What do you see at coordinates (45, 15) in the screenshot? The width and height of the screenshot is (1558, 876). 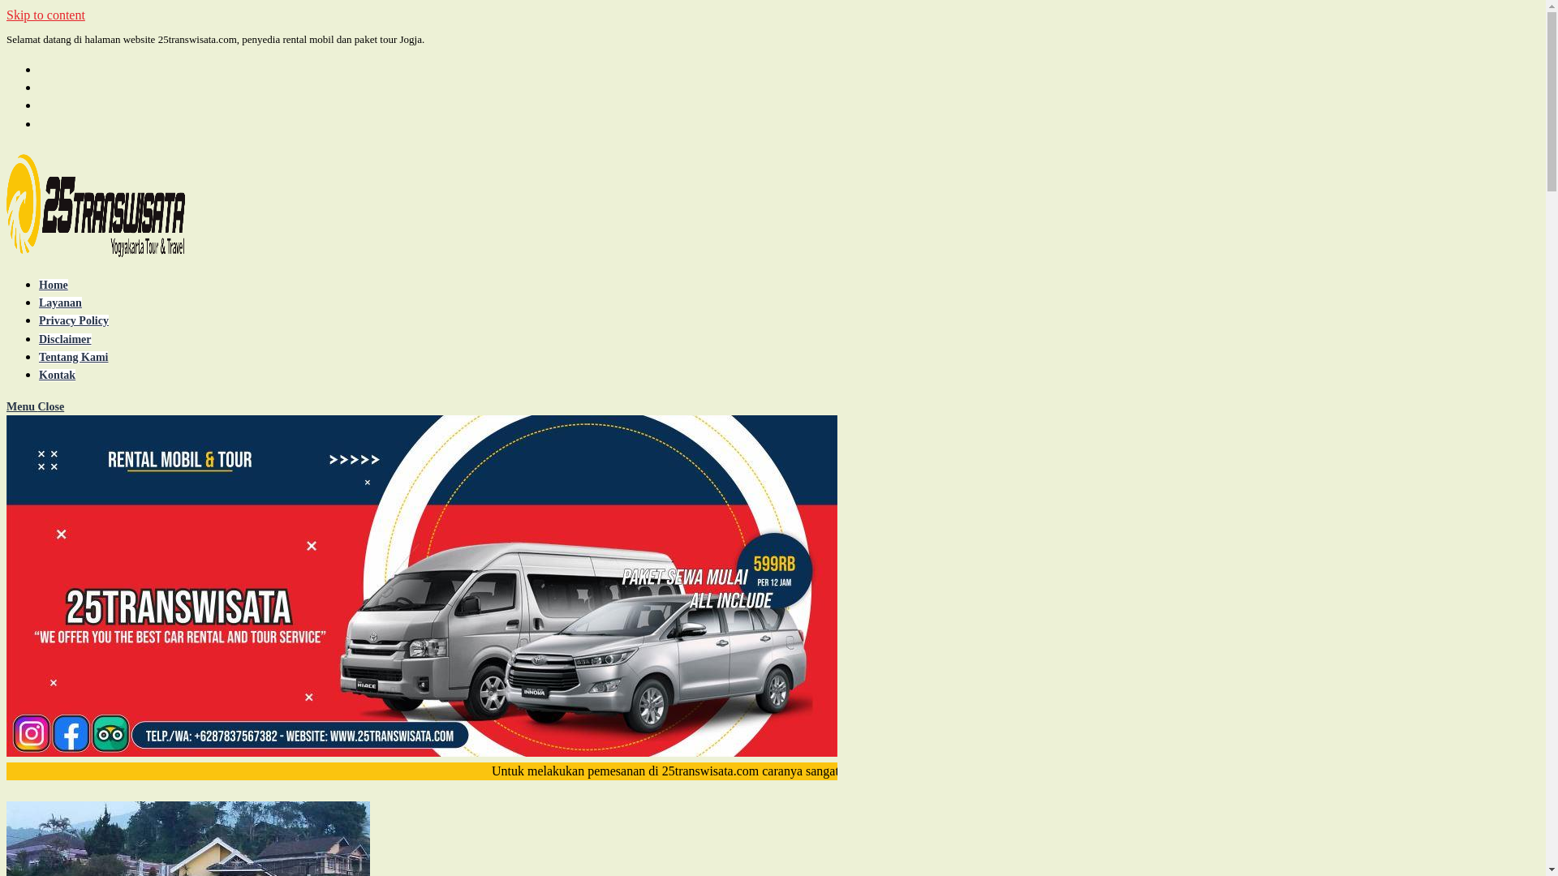 I see `'Skip to content'` at bounding box center [45, 15].